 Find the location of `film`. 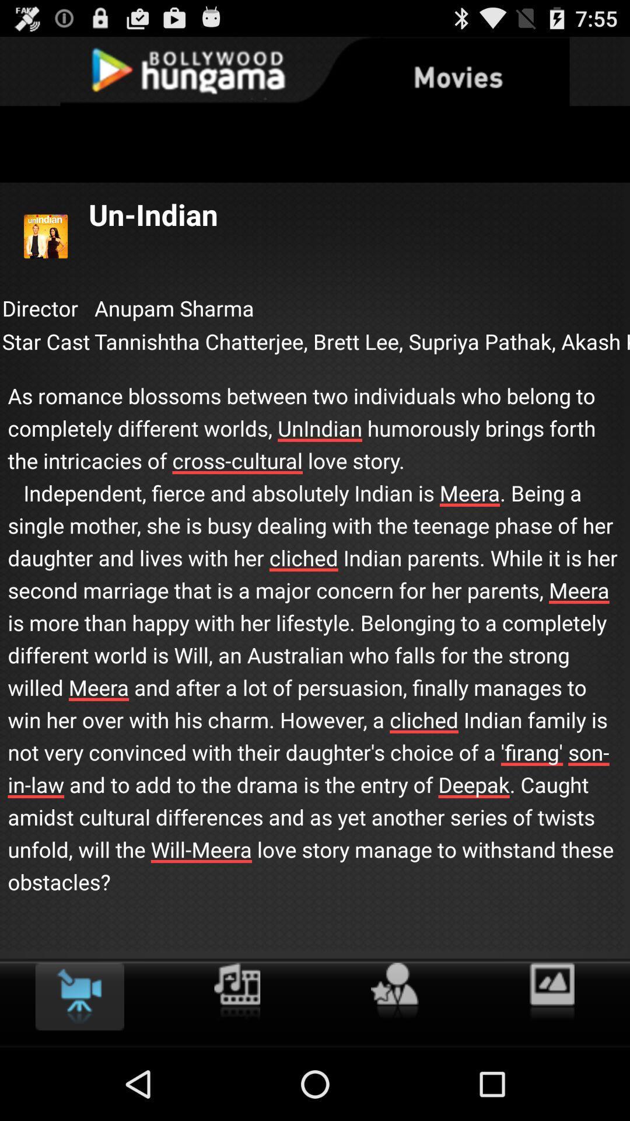

film is located at coordinates (236, 991).